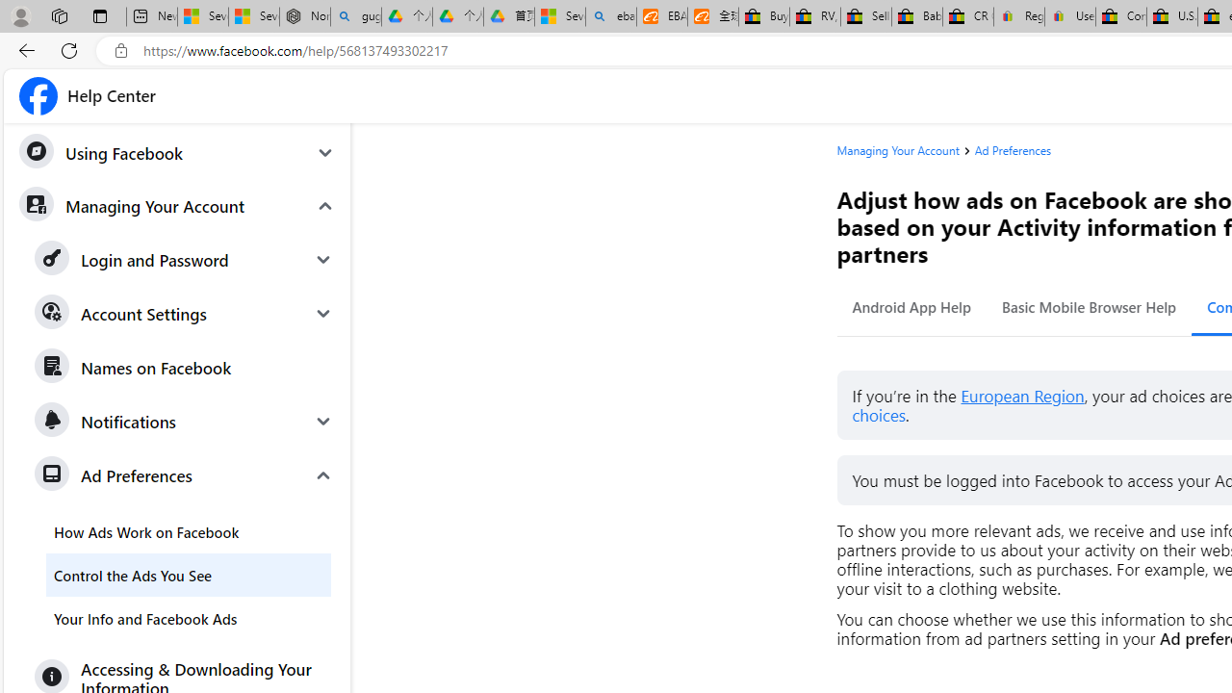 This screenshot has height=693, width=1232. What do you see at coordinates (176, 152) in the screenshot?
I see `'Using Facebook'` at bounding box center [176, 152].